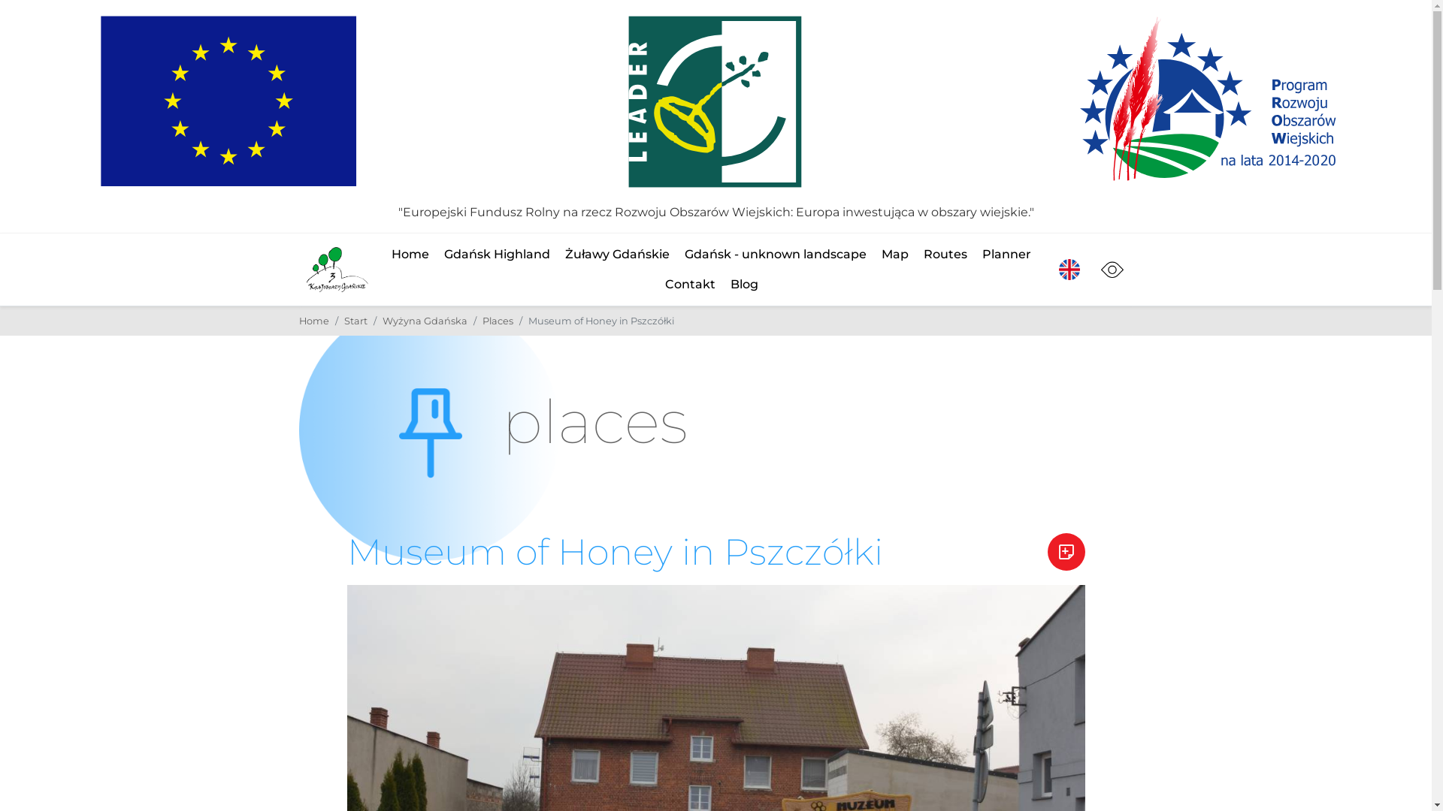 This screenshot has height=811, width=1443. What do you see at coordinates (689, 284) in the screenshot?
I see `'Contakt'` at bounding box center [689, 284].